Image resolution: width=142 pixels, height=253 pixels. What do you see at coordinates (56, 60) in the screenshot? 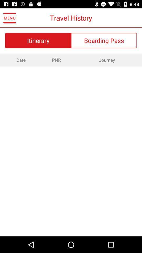
I see `the item below itinerary` at bounding box center [56, 60].